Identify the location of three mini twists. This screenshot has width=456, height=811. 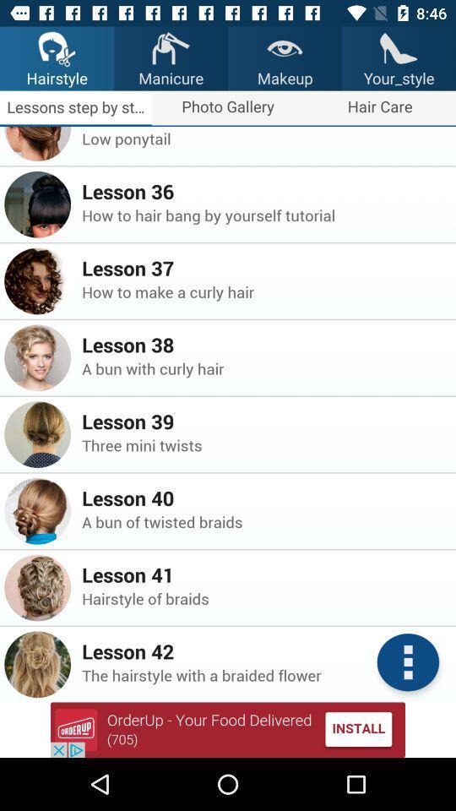
(263, 444).